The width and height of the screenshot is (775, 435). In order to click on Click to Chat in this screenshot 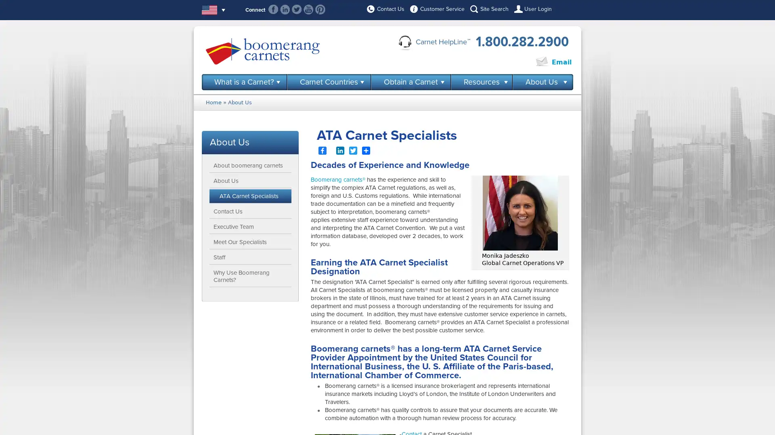, I will do `click(507, 62)`.